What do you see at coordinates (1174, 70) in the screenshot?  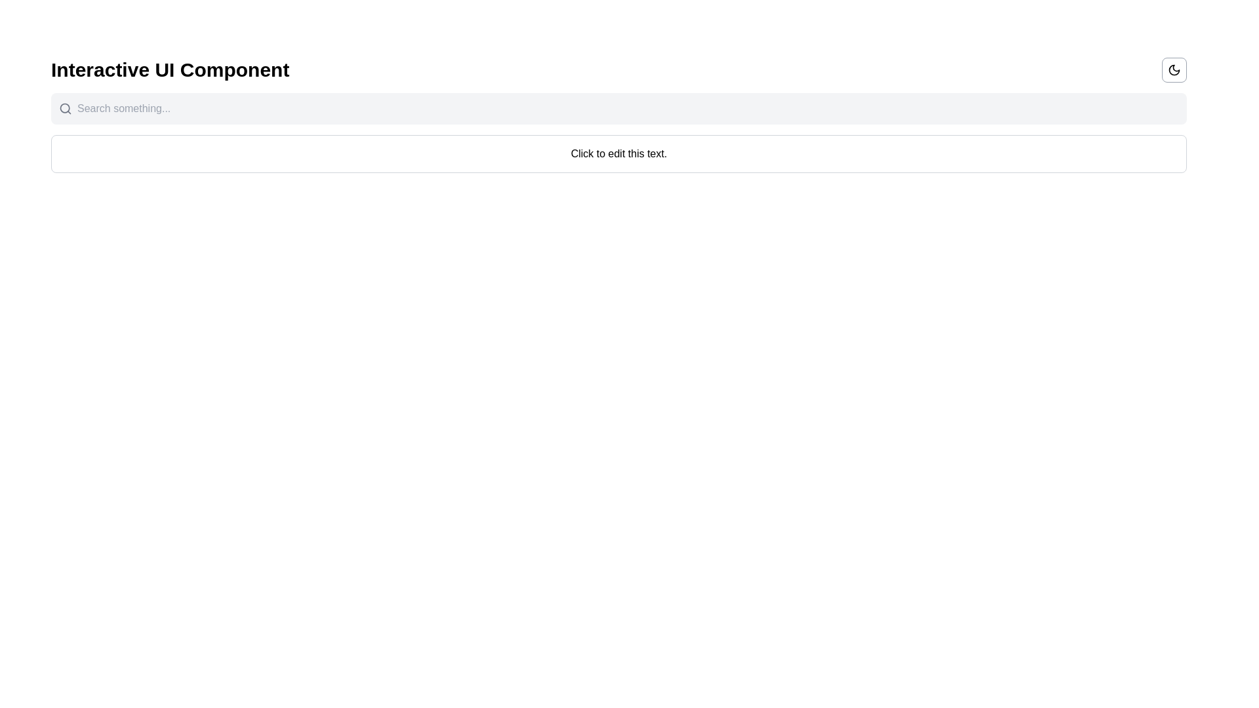 I see `the crescent moon icon located` at bounding box center [1174, 70].